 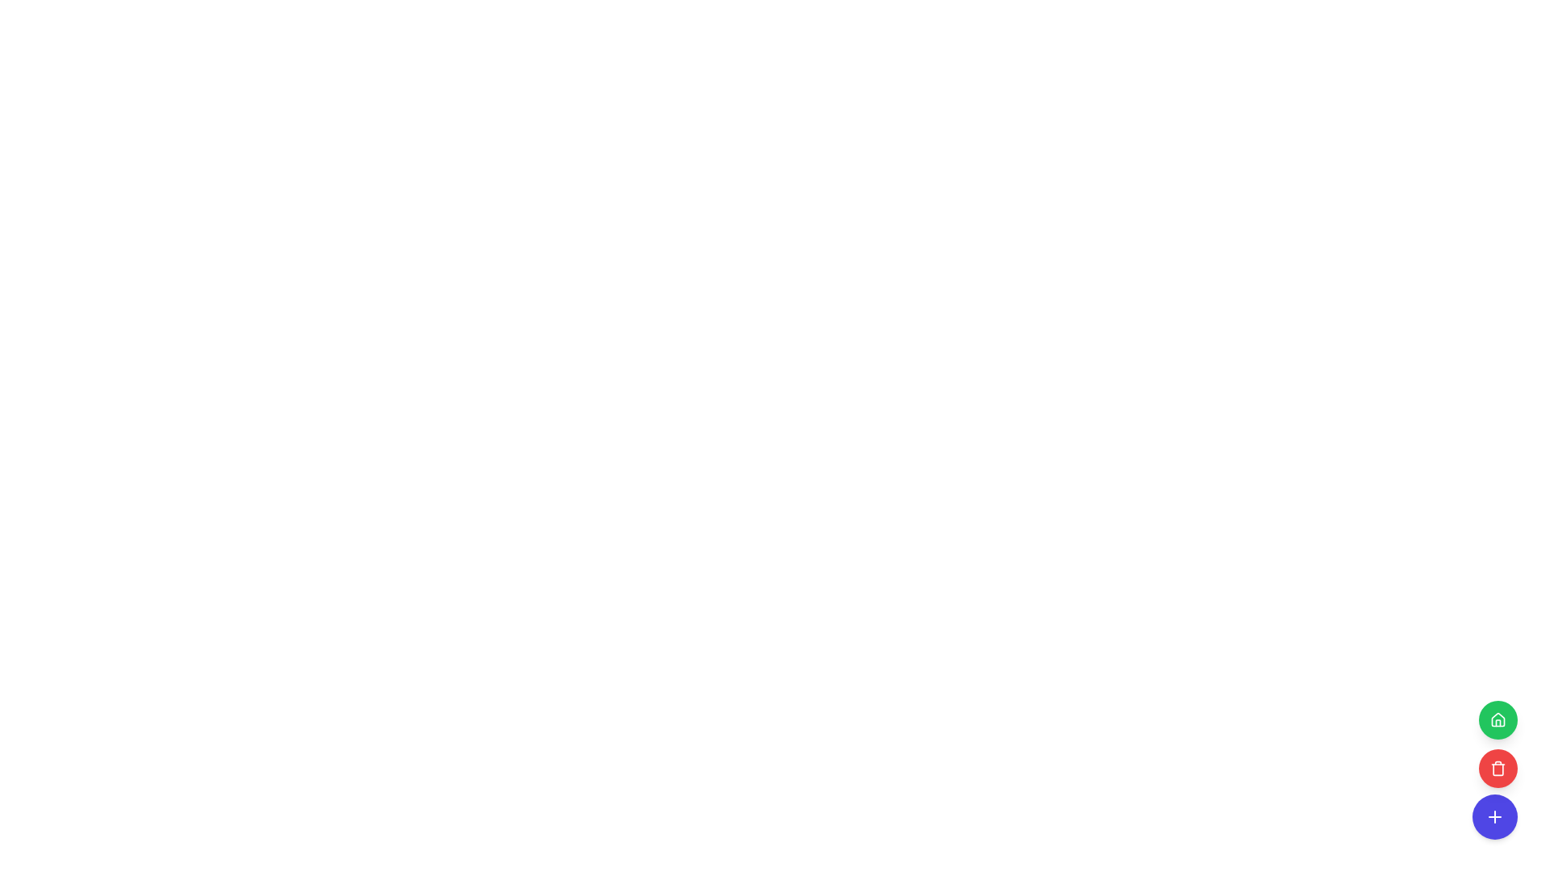 I want to click on the 'delete' action icon embedded in the second circular button on the right side of the interface, so click(x=1498, y=768).